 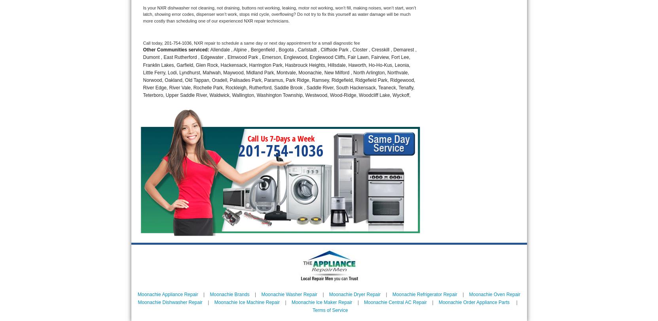 I want to click on 'Moonachie Ice Maker Repair', so click(x=321, y=302).